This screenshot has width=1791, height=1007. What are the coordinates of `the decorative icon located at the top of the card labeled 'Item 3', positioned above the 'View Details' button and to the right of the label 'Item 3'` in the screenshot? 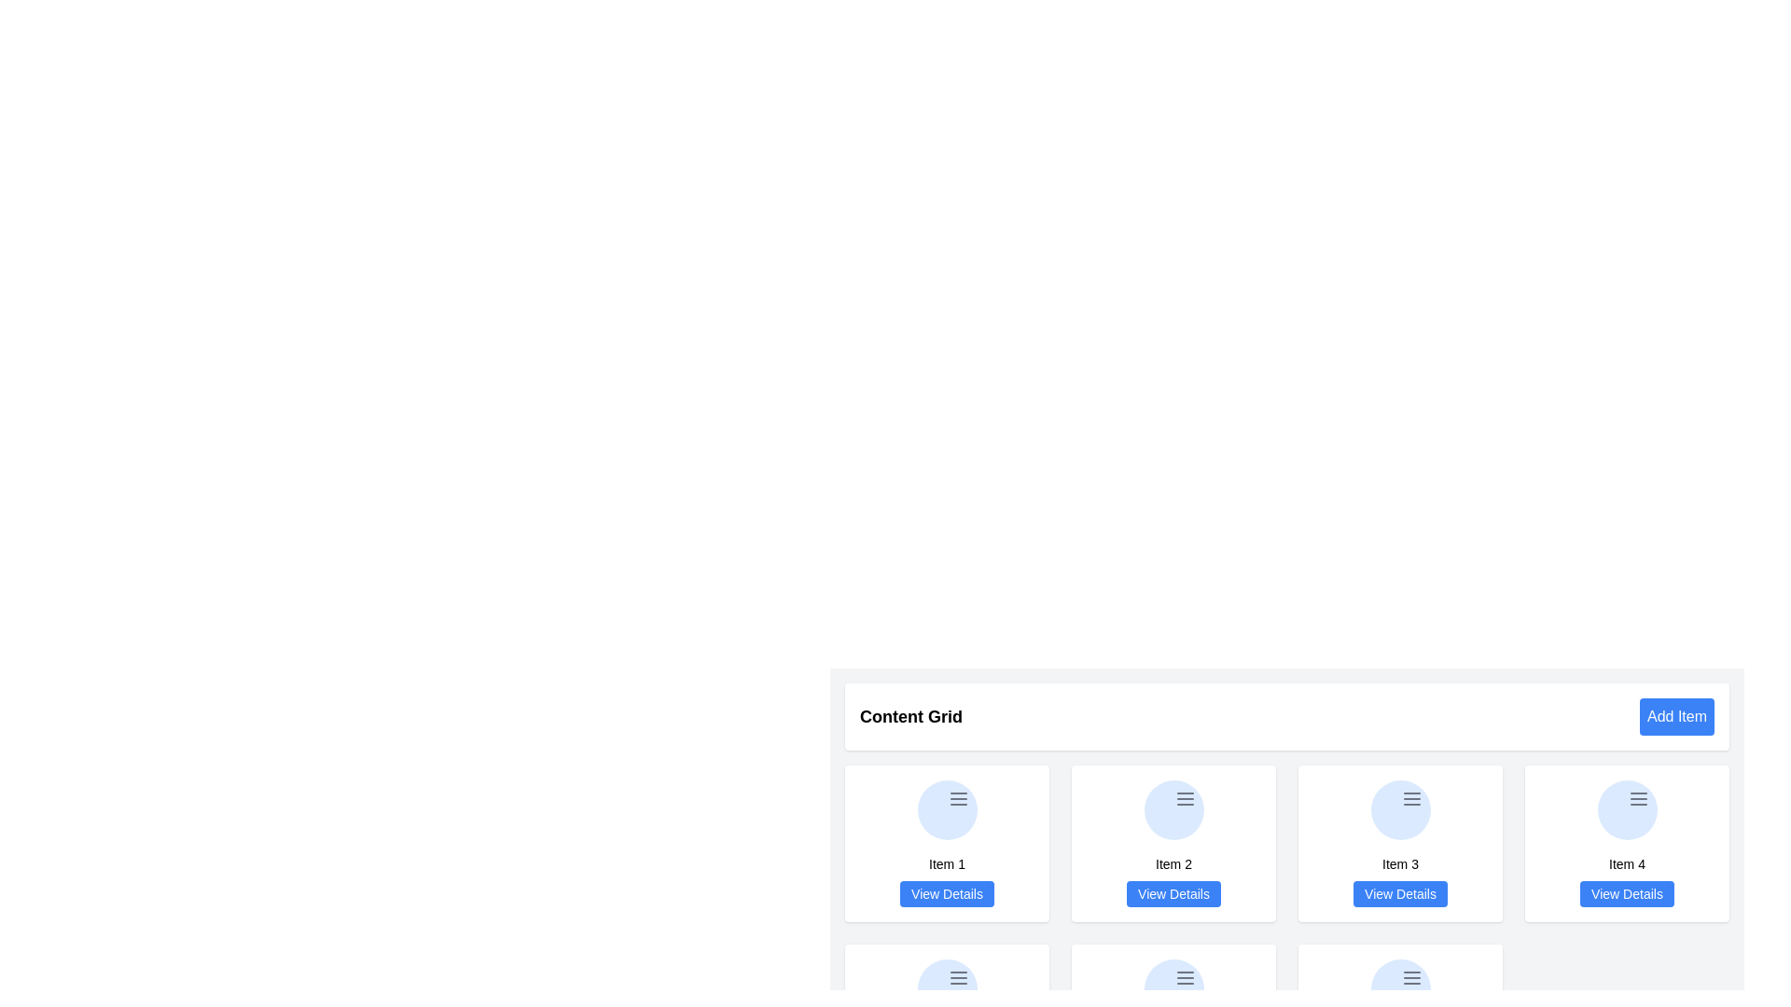 It's located at (1400, 808).